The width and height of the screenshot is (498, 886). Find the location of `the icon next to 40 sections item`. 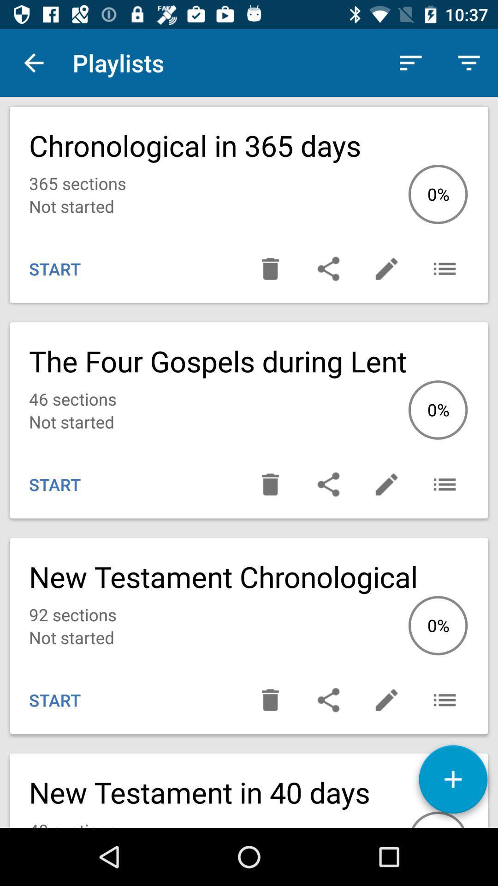

the icon next to 40 sections item is located at coordinates (452, 782).